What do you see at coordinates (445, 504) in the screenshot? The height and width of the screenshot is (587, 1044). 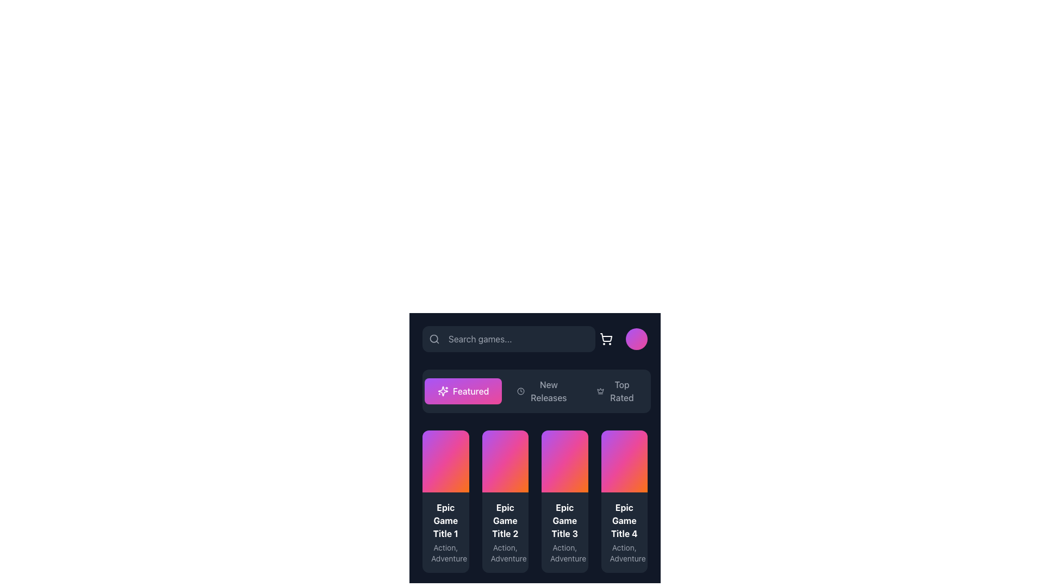 I see `the text display area of the first card in the horizontal list` at bounding box center [445, 504].